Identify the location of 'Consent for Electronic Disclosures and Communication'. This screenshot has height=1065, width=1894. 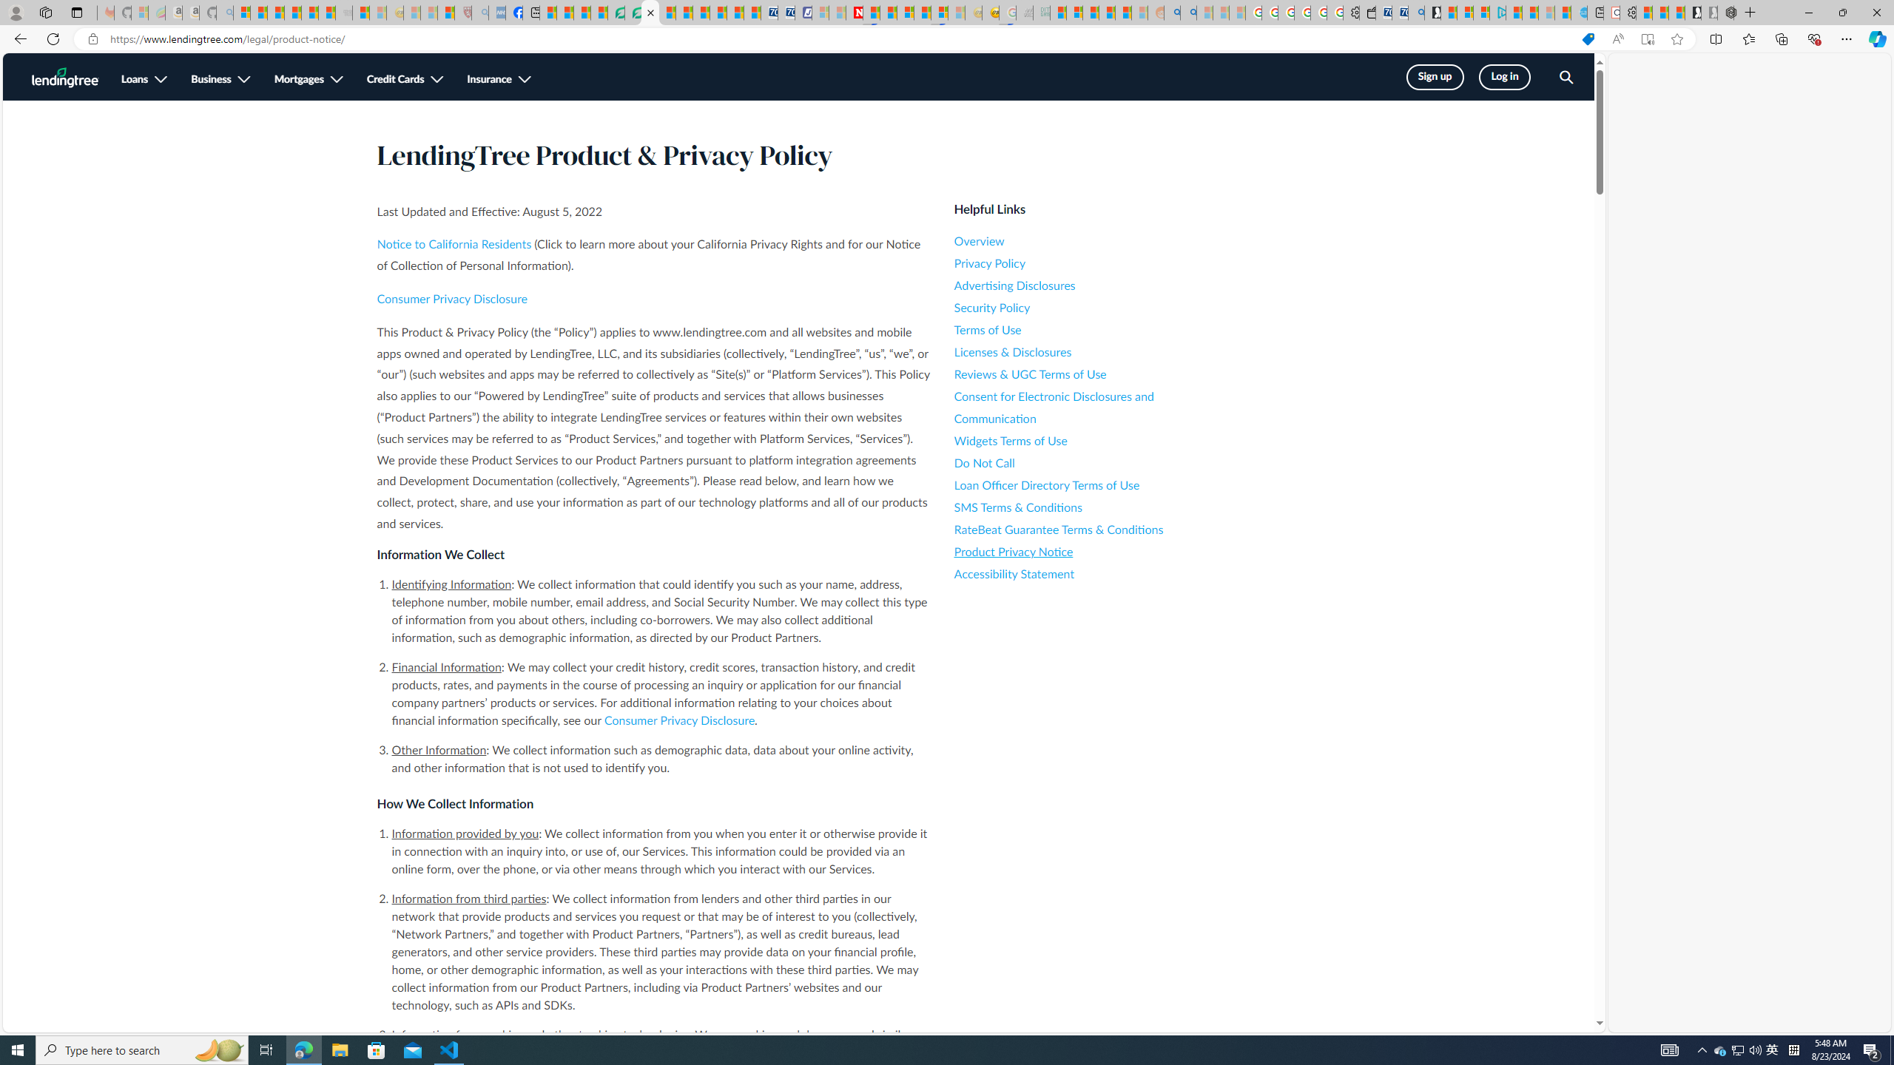
(1087, 408).